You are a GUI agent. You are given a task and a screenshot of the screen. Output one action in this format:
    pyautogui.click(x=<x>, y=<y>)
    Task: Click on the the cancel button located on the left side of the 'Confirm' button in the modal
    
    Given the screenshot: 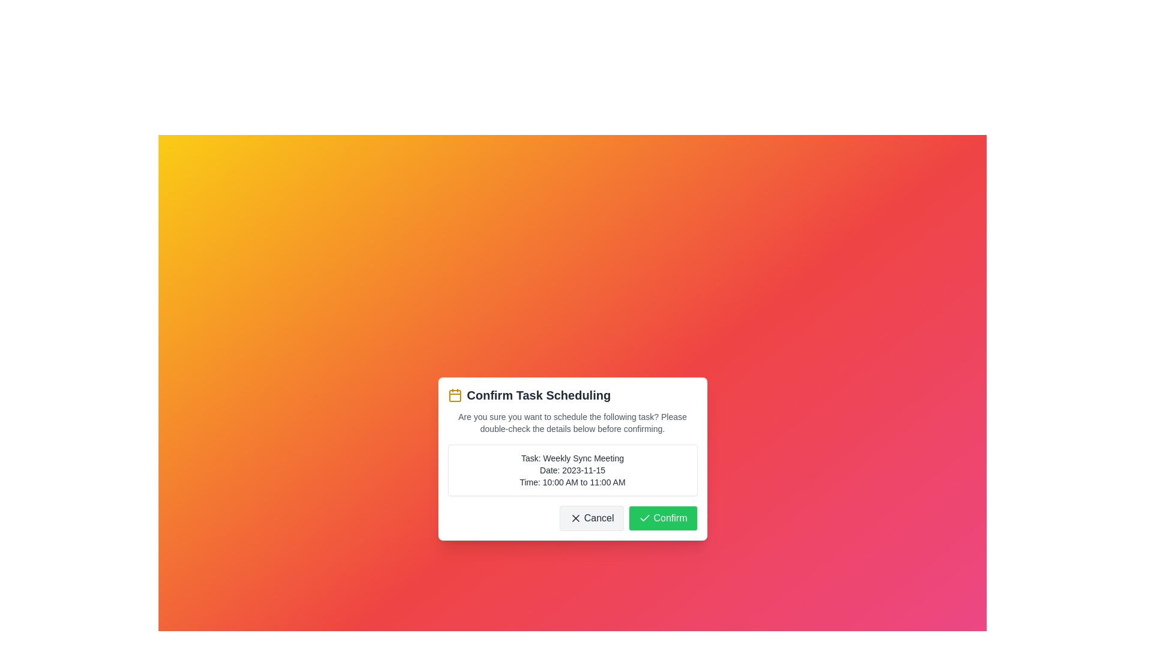 What is the action you would take?
    pyautogui.click(x=592, y=518)
    